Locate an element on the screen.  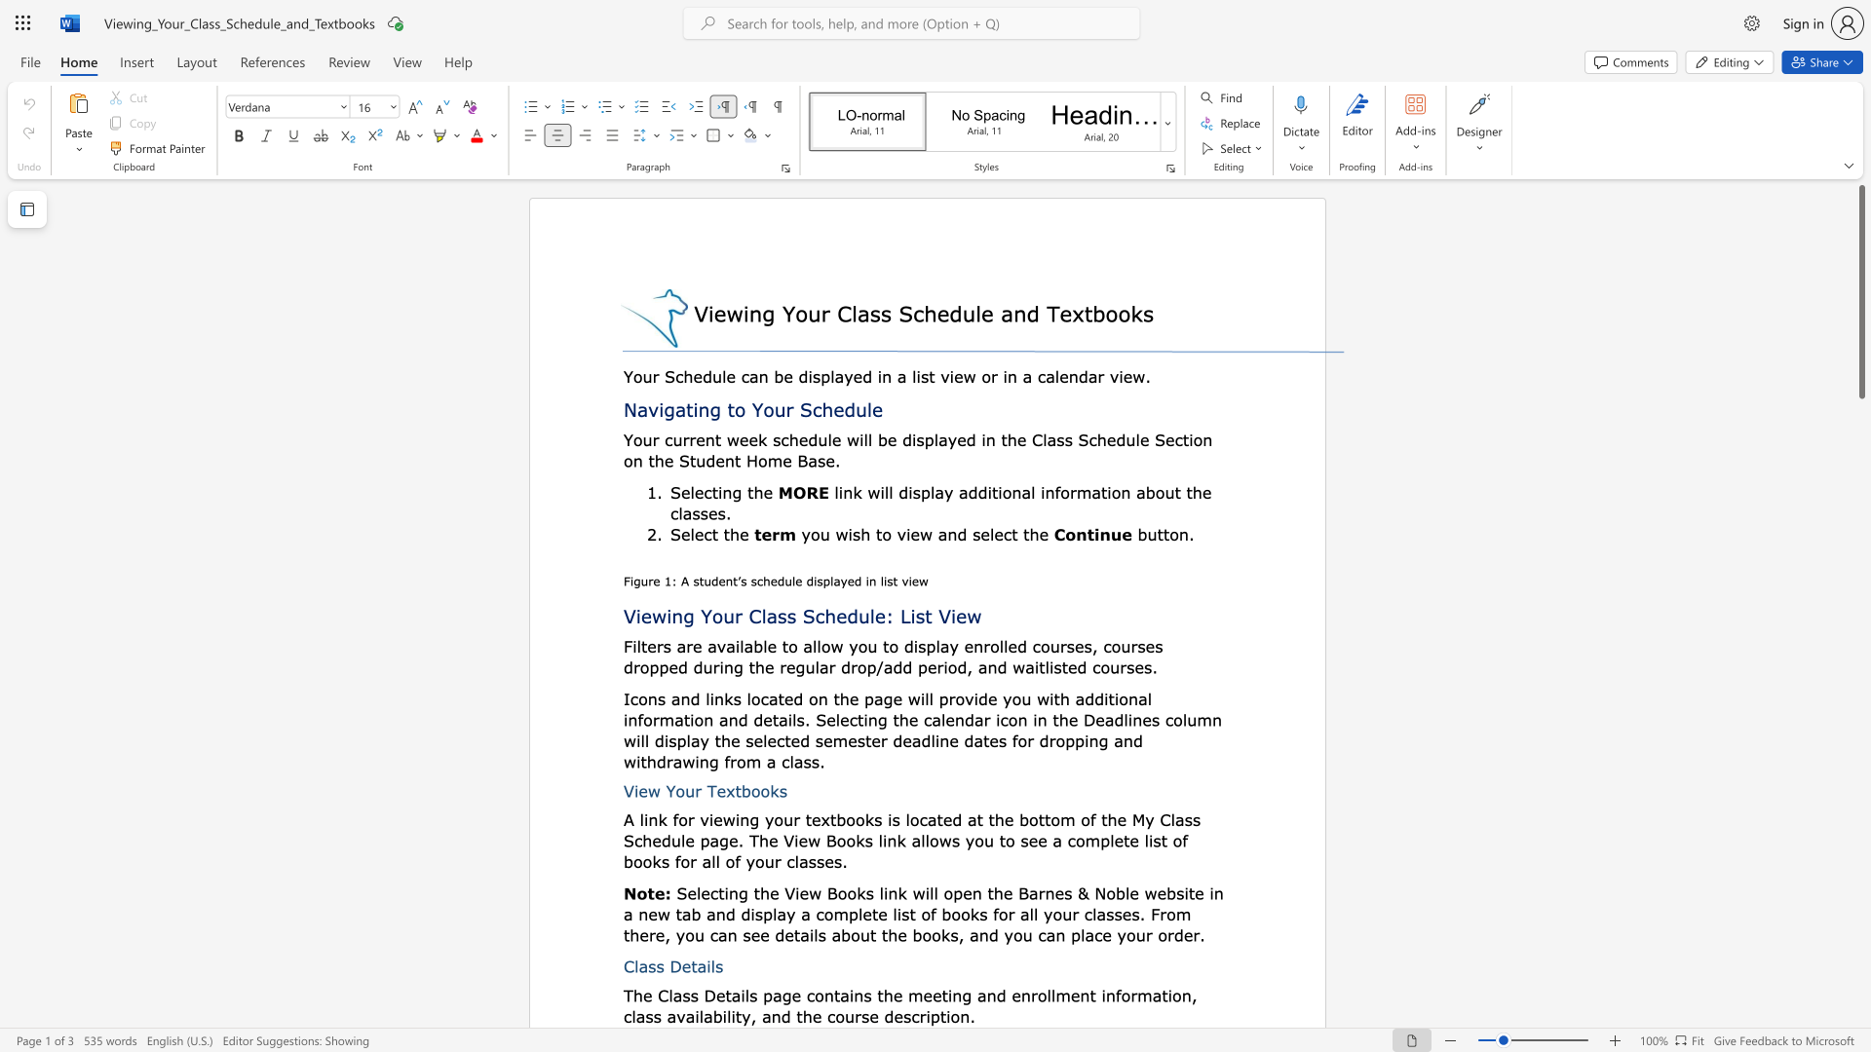
the scrollbar to scroll the page down is located at coordinates (1860, 612).